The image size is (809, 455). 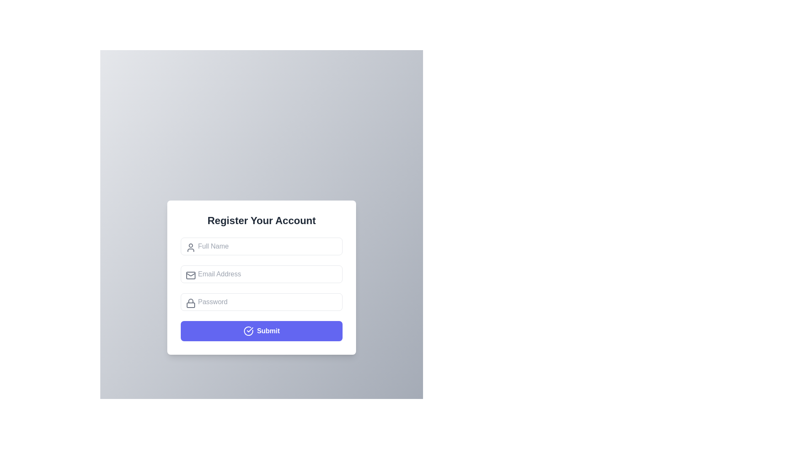 I want to click on the 'Submit' button, which contains a checkmark icon indicating confirmation, located below the input fields for 'Full Name', 'Email Address', and 'Password', so click(x=249, y=329).